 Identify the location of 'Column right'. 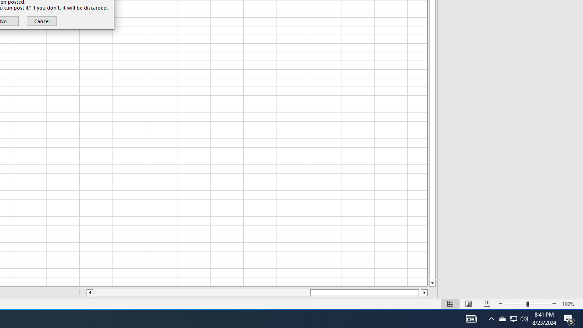
(424, 292).